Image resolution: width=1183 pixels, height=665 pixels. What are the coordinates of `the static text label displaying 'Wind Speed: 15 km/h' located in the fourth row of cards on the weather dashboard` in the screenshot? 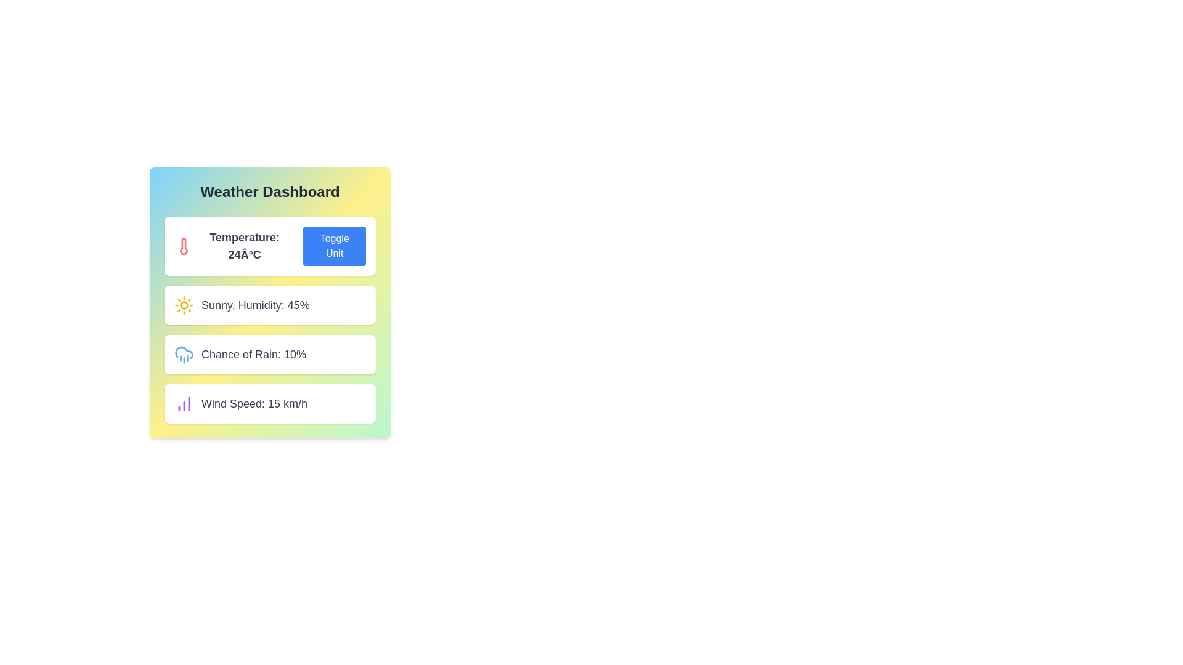 It's located at (253, 403).